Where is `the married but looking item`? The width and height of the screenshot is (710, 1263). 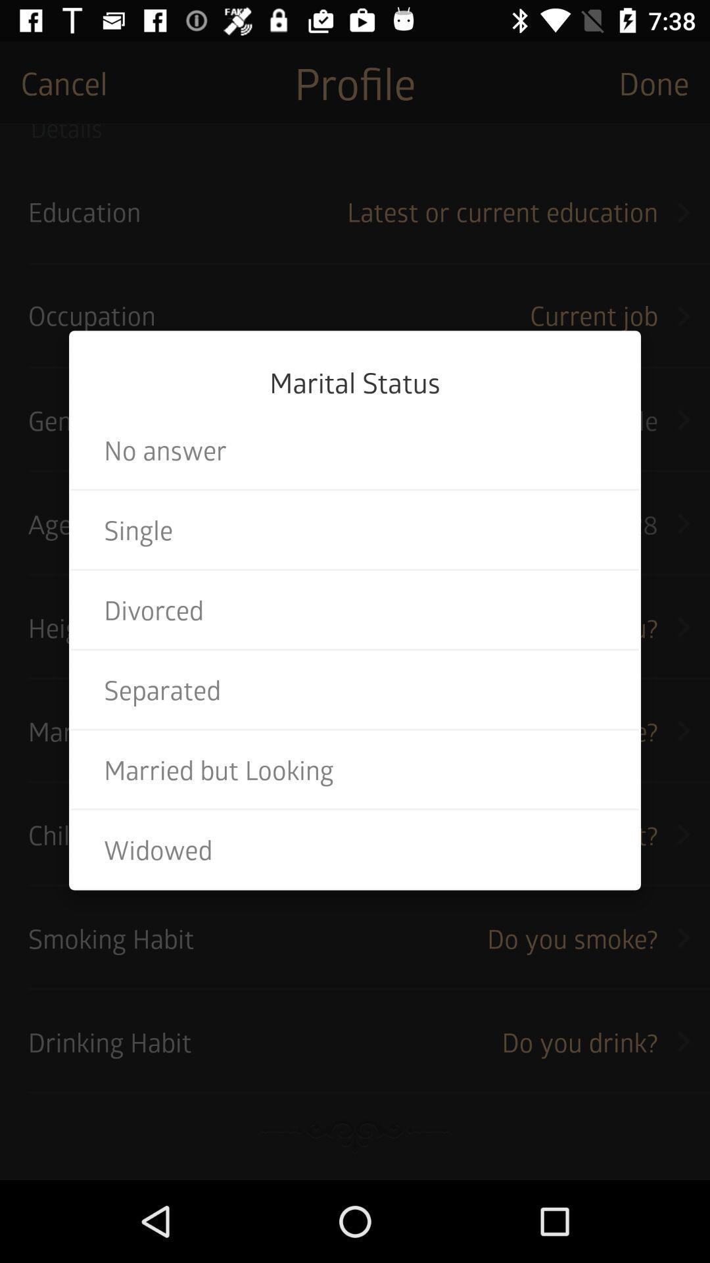
the married but looking item is located at coordinates (355, 770).